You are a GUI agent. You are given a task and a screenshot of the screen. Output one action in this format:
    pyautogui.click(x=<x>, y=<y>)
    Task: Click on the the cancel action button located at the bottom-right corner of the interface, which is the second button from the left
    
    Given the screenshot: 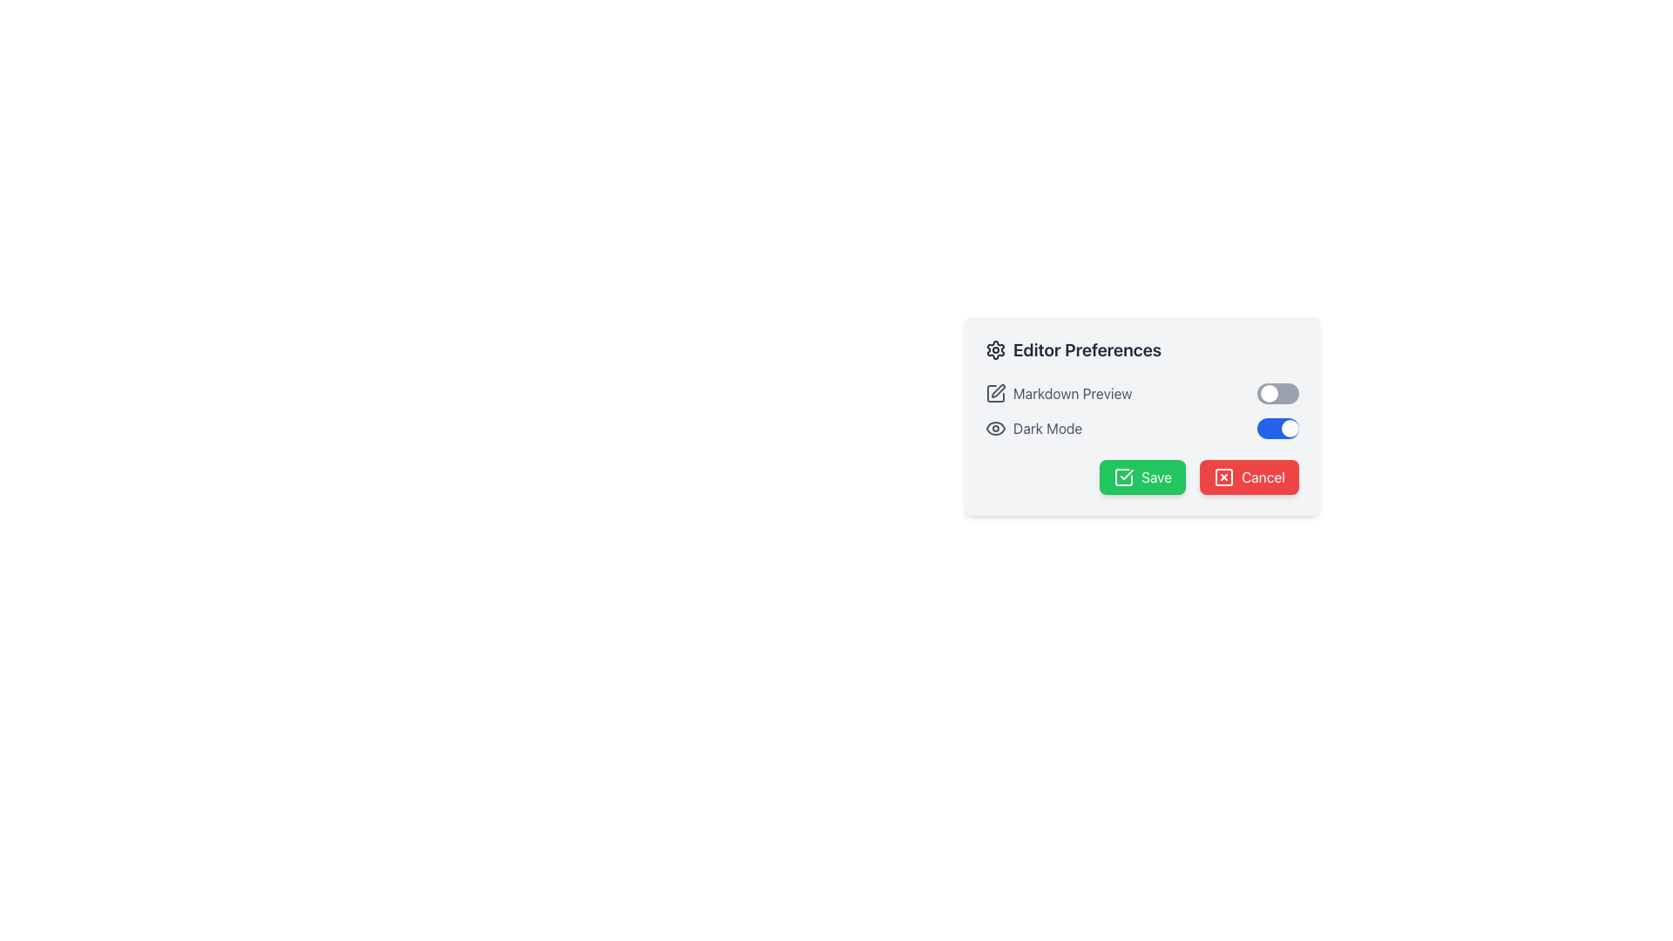 What is the action you would take?
    pyautogui.click(x=1249, y=477)
    